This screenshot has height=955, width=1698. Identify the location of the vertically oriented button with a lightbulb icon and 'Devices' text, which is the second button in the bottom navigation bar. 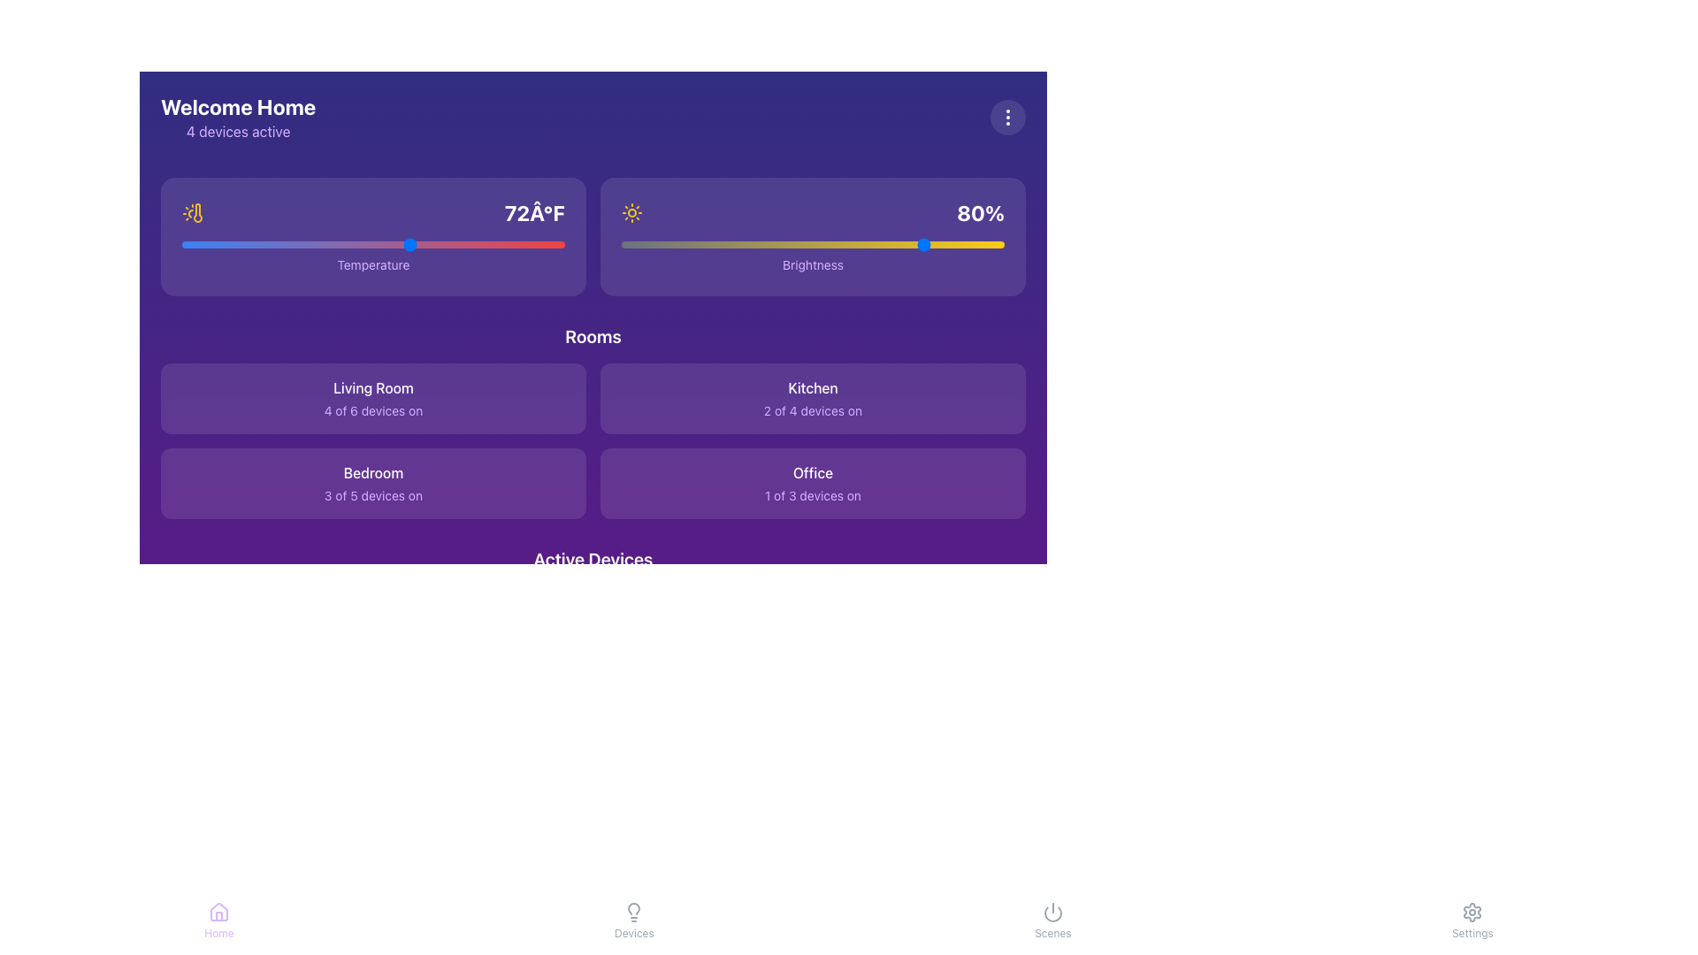
(634, 920).